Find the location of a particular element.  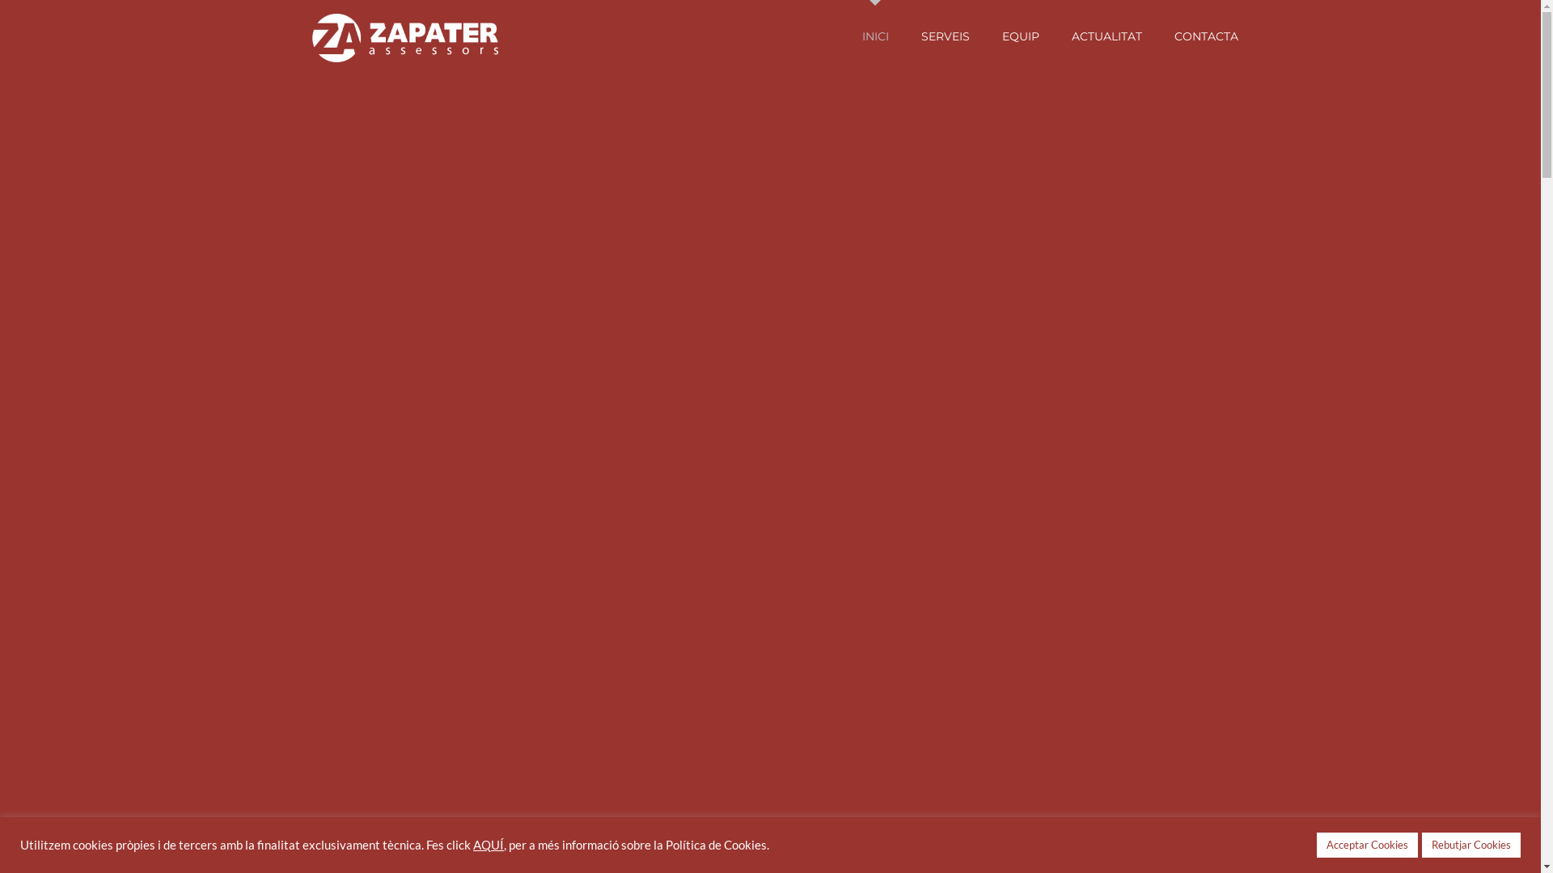

'Acceptar Cookies' is located at coordinates (1366, 844).